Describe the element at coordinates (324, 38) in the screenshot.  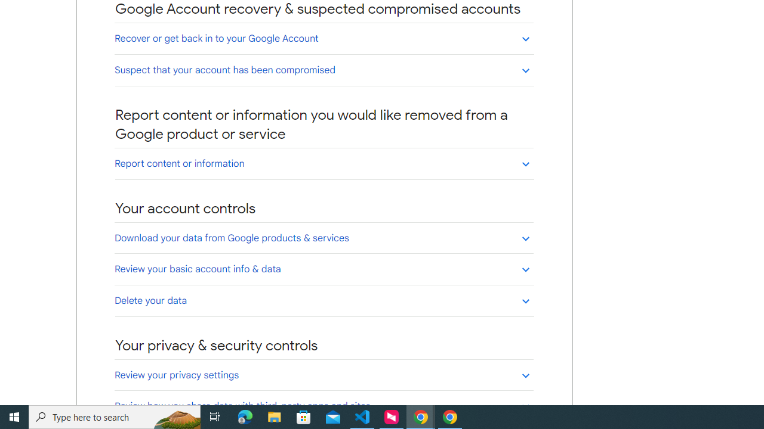
I see `'Recover or get back in to your Google Account'` at that location.